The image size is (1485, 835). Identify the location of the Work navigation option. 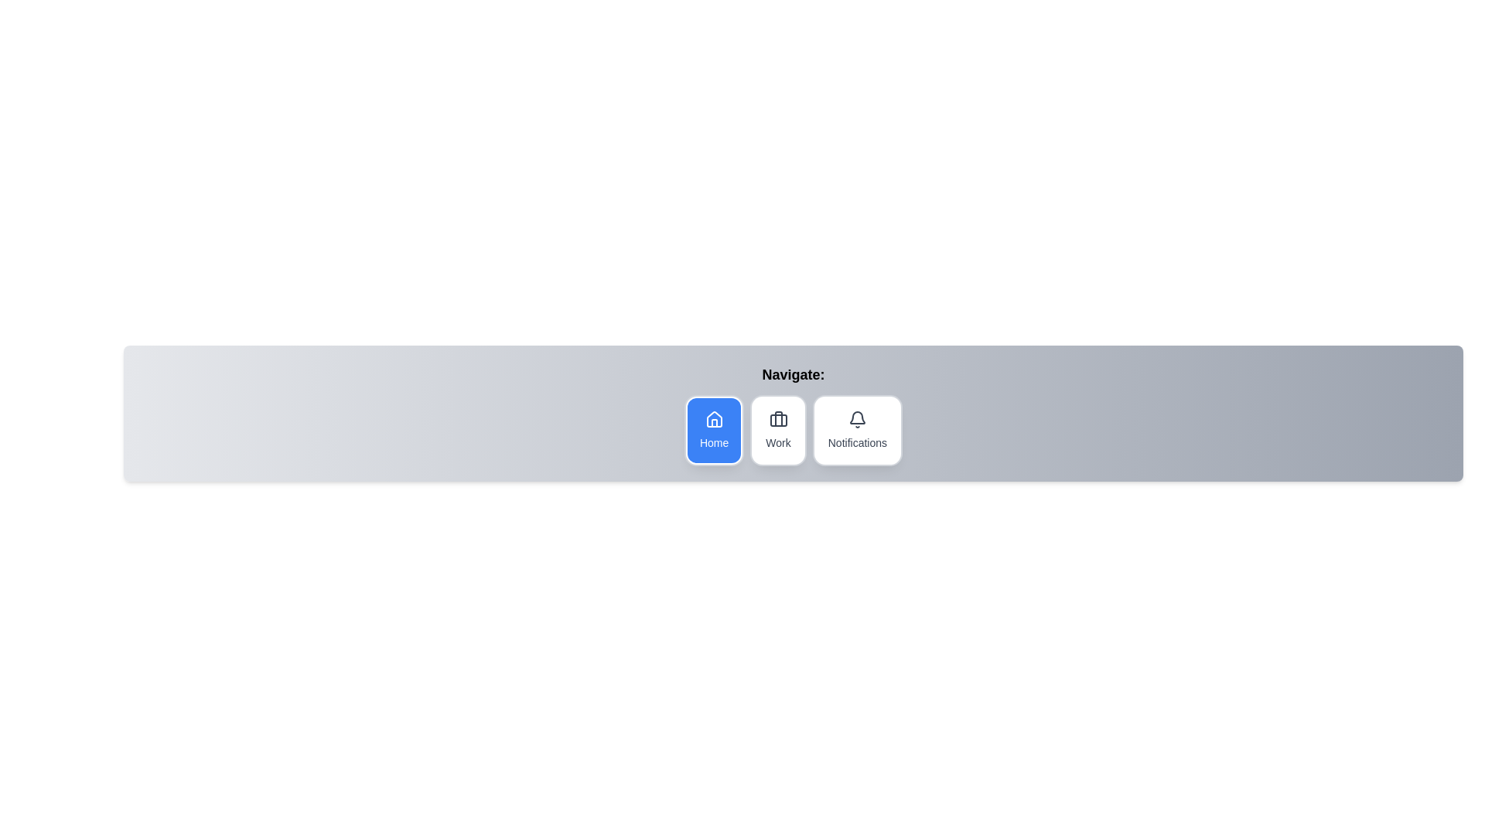
(778, 430).